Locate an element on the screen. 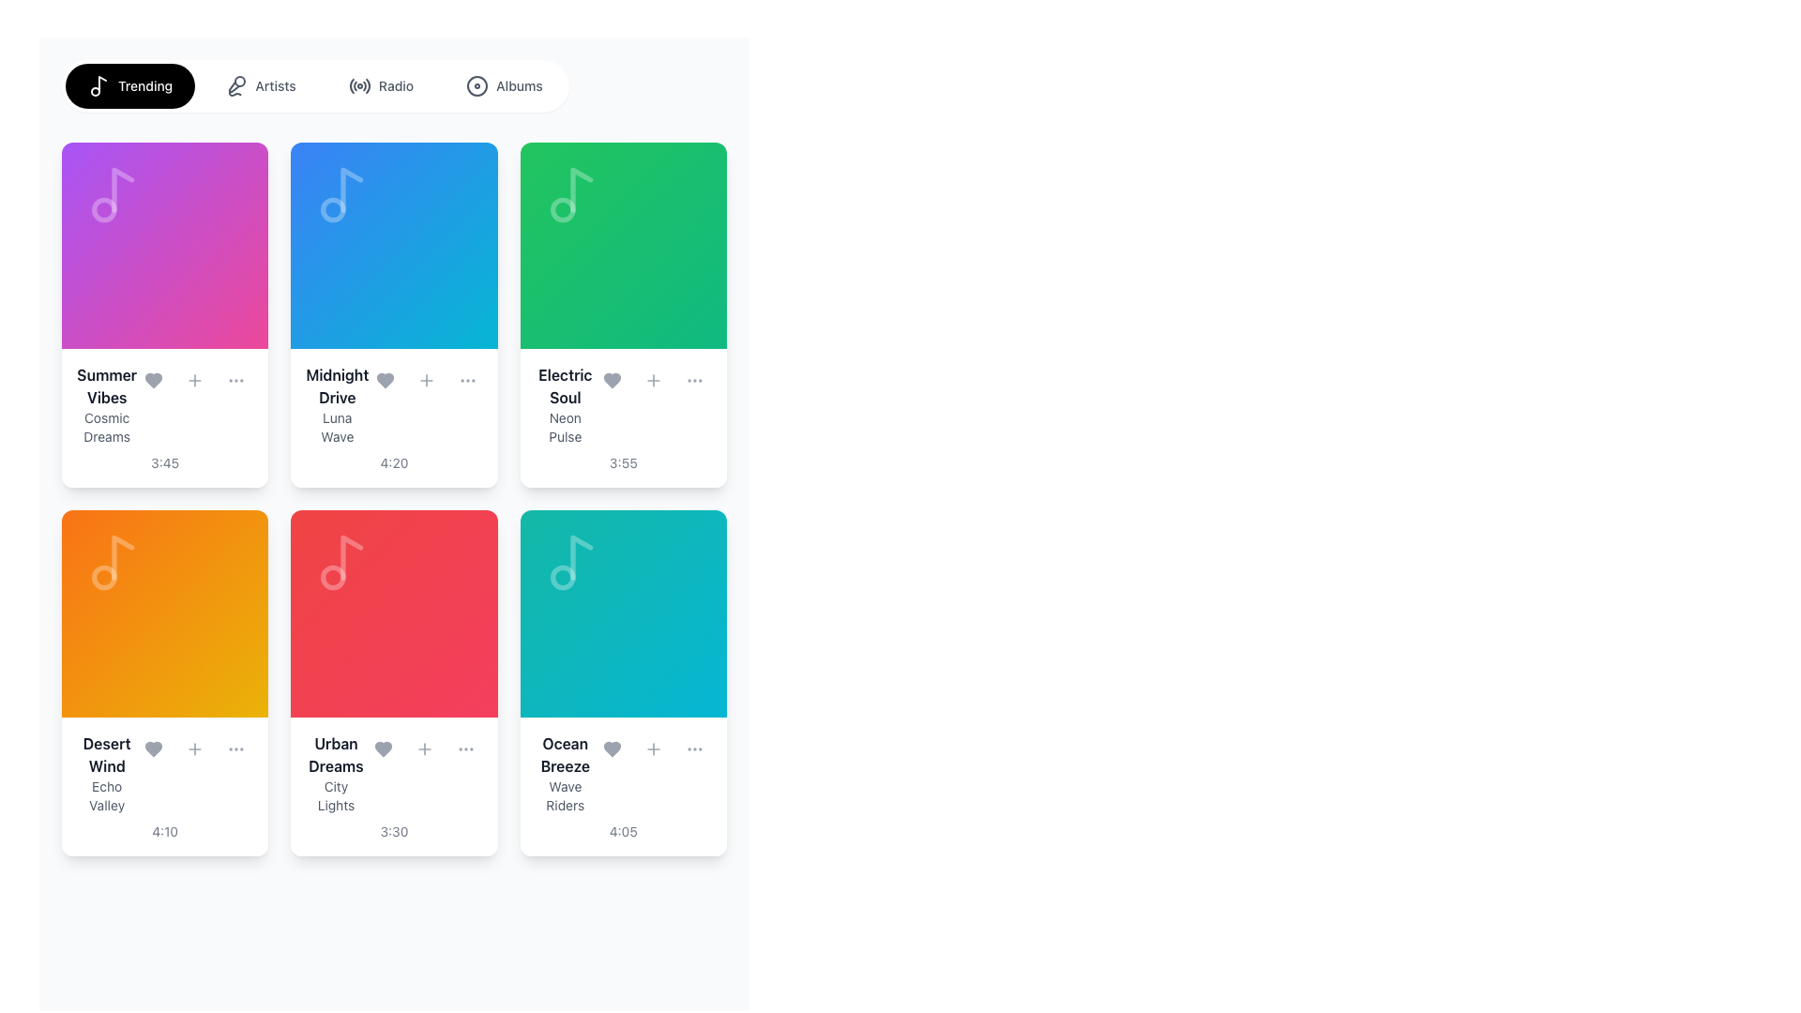 The image size is (1801, 1013). the menu trigger icon located in the bottom-right corner of the 'Ocean Breeze' album card is located at coordinates (693, 748).